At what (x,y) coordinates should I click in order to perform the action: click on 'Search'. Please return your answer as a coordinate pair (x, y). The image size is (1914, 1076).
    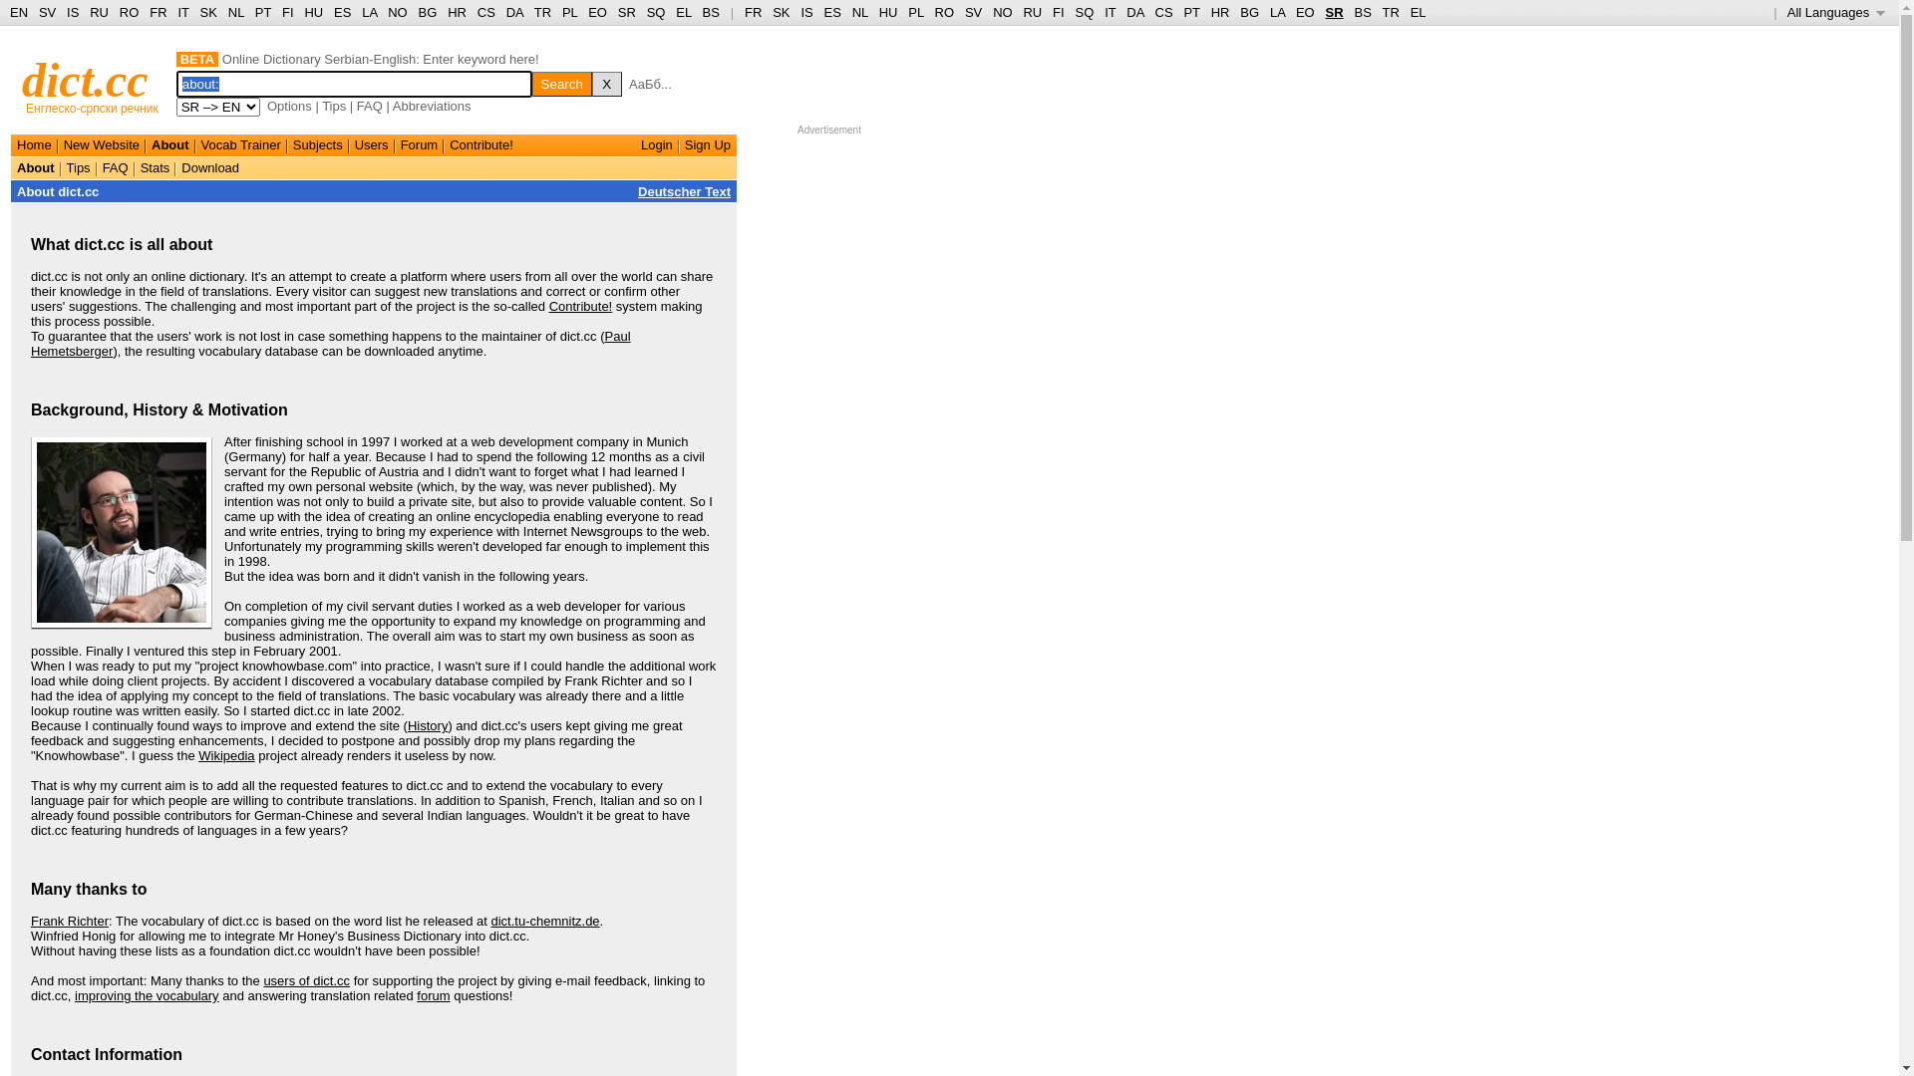
    Looking at the image, I should click on (561, 83).